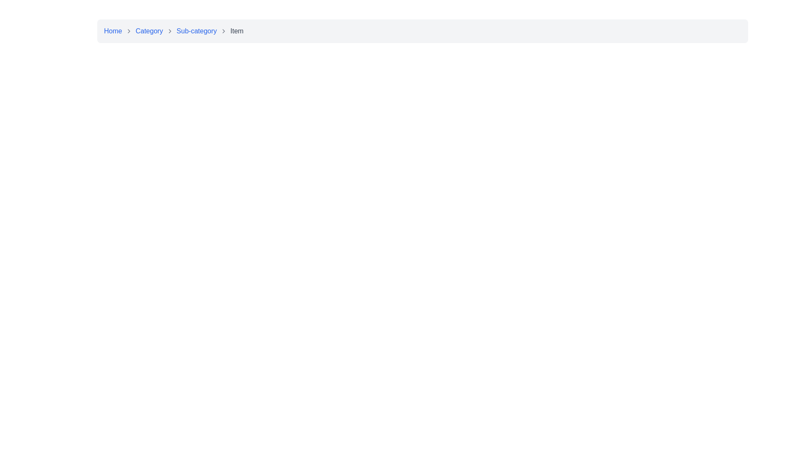  Describe the element at coordinates (112, 30) in the screenshot. I see `the blue-colored 'Home' hyperlink text` at that location.